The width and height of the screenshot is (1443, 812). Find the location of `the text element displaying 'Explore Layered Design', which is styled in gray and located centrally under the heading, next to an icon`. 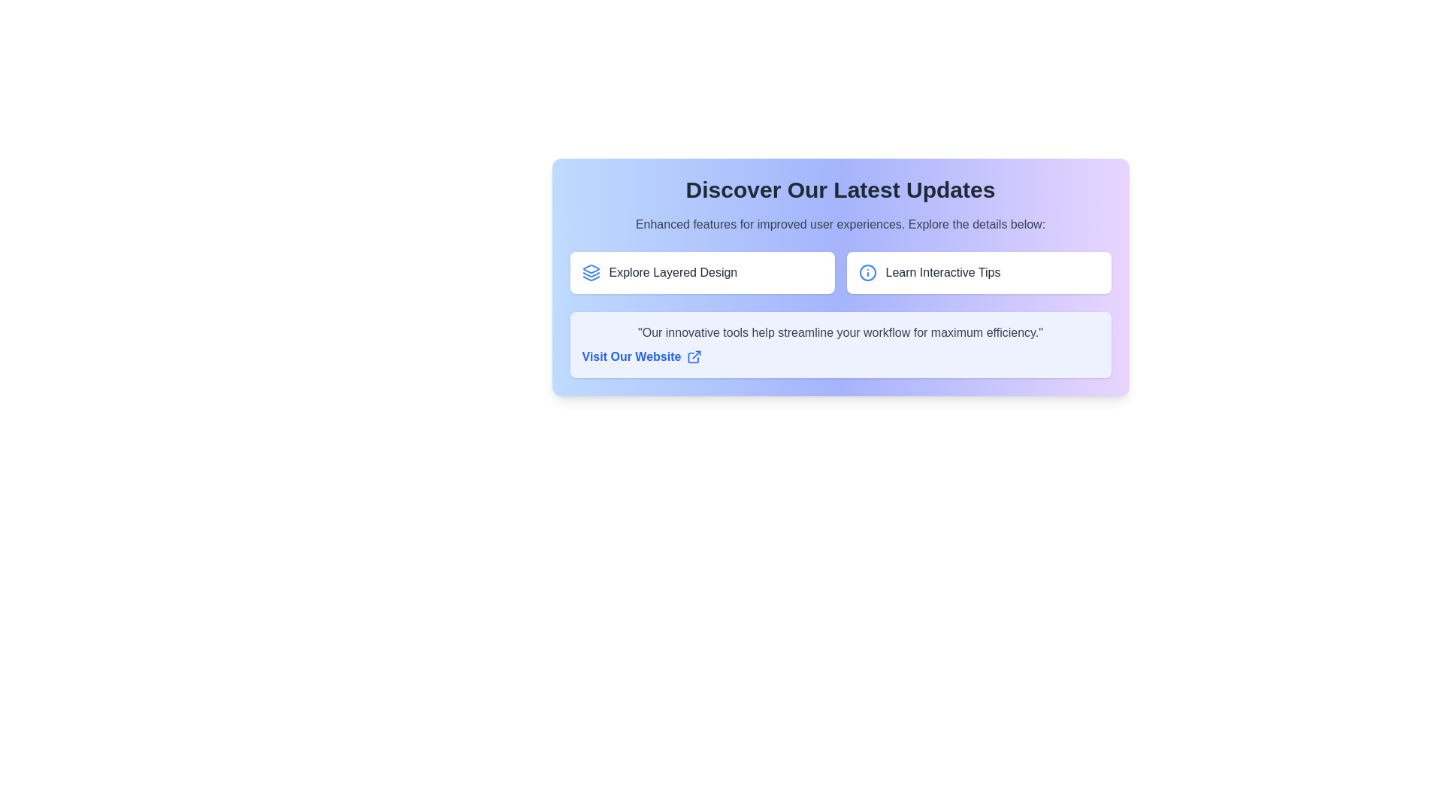

the text element displaying 'Explore Layered Design', which is styled in gray and located centrally under the heading, next to an icon is located at coordinates (672, 272).